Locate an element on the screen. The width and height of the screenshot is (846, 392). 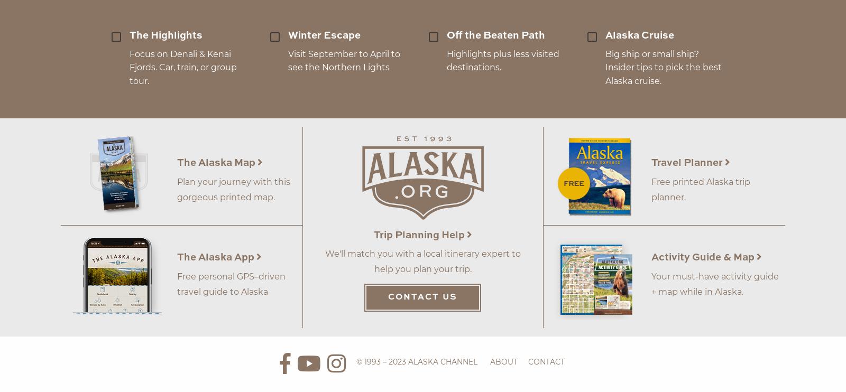
'The Highlights' is located at coordinates (129, 35).